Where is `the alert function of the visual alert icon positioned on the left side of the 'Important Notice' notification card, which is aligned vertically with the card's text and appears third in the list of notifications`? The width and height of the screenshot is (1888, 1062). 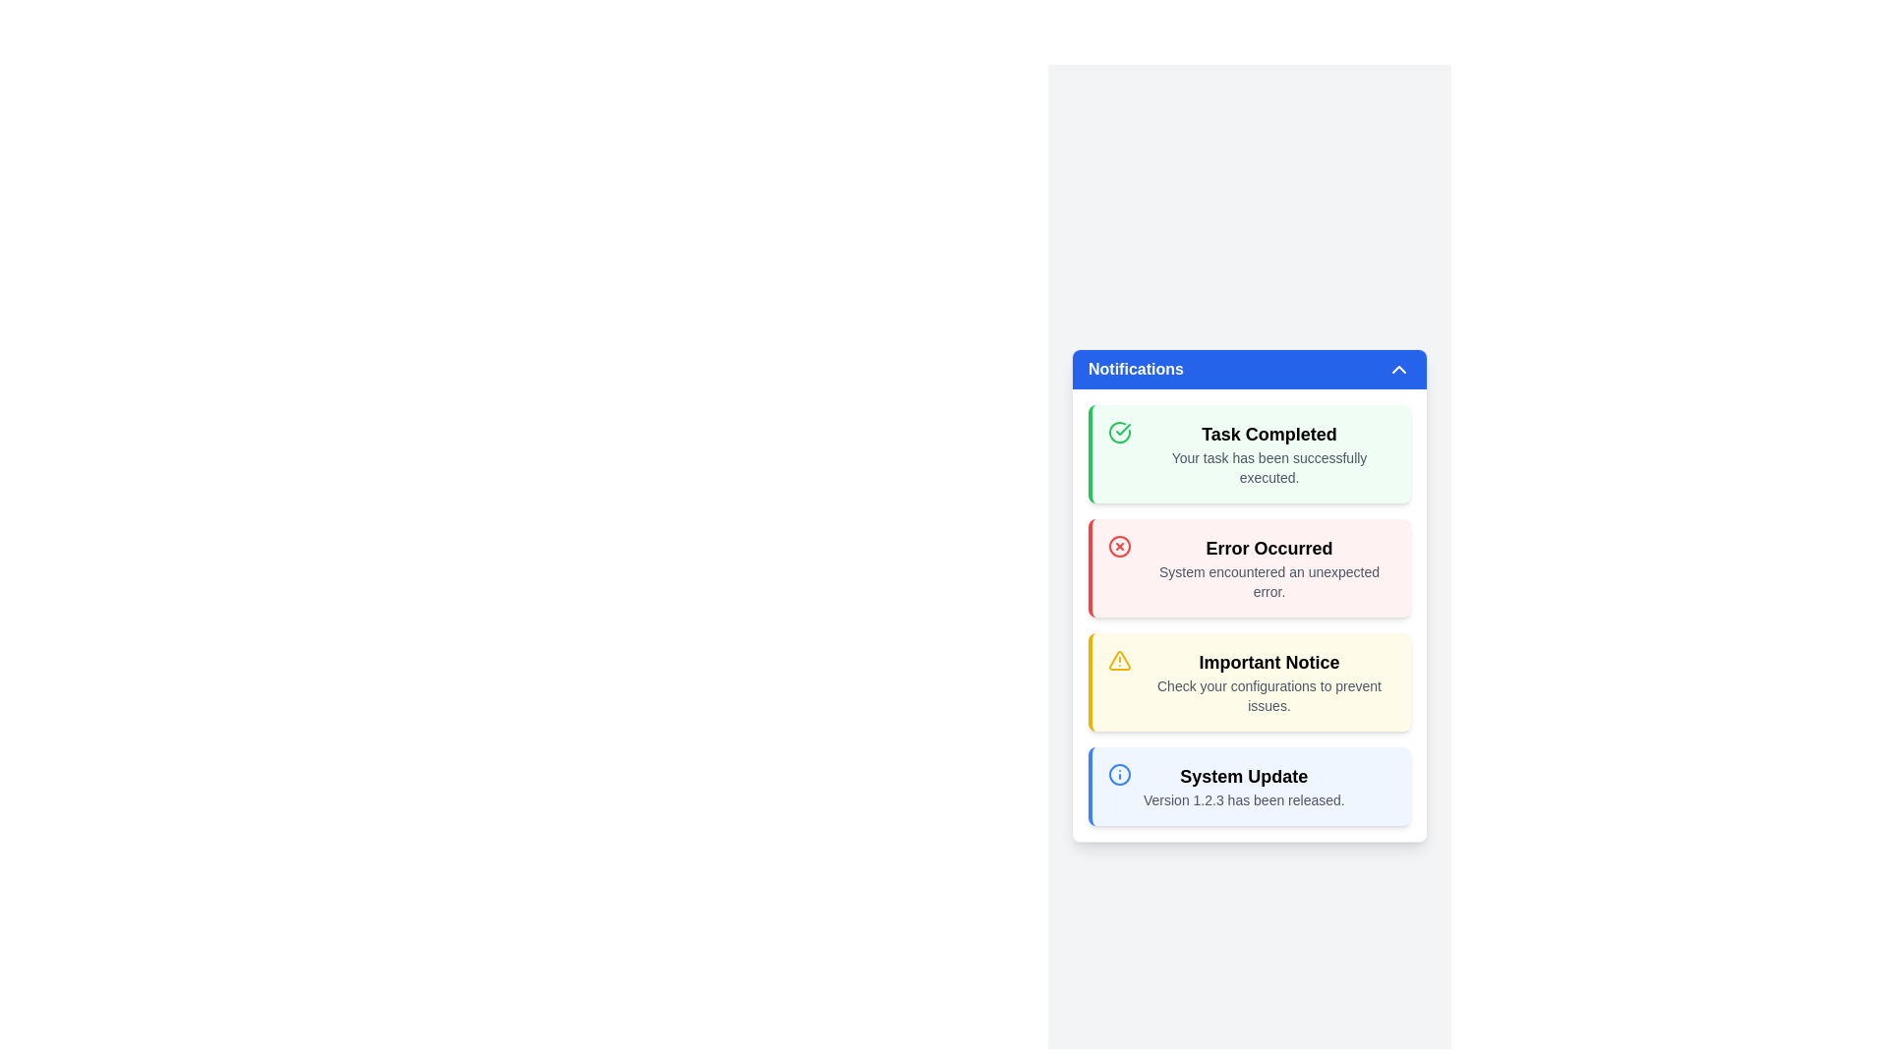
the alert function of the visual alert icon positioned on the left side of the 'Important Notice' notification card, which is aligned vertically with the card's text and appears third in the list of notifications is located at coordinates (1119, 660).